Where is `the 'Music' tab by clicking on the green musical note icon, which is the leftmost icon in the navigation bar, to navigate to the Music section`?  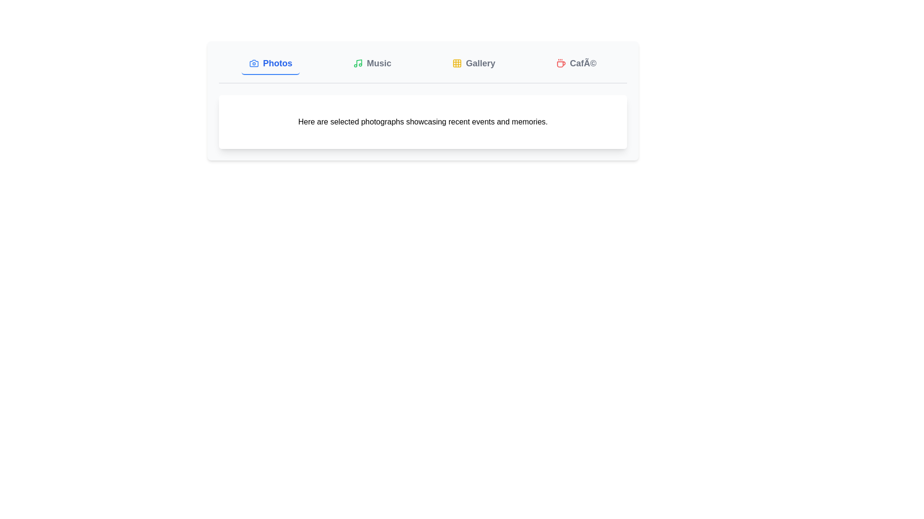 the 'Music' tab by clicking on the green musical note icon, which is the leftmost icon in the navigation bar, to navigate to the Music section is located at coordinates (358, 63).